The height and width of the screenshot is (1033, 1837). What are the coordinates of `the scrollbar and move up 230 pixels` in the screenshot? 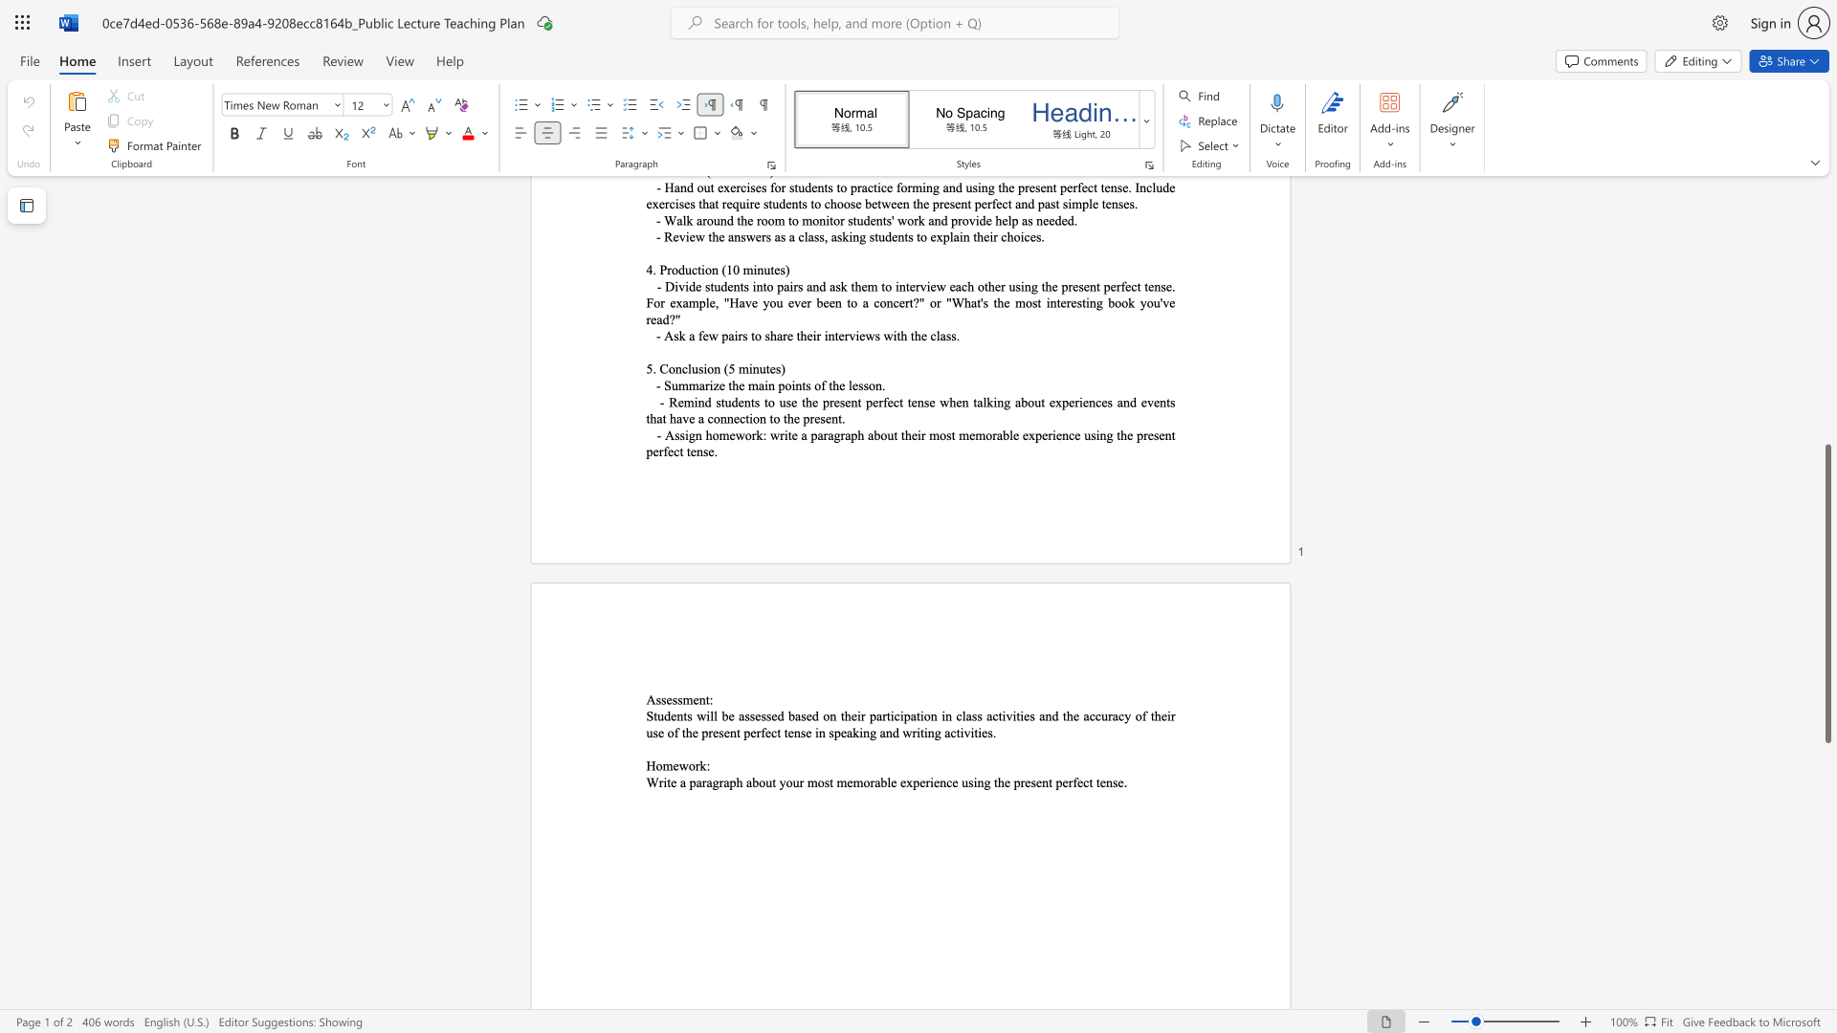 It's located at (1826, 592).